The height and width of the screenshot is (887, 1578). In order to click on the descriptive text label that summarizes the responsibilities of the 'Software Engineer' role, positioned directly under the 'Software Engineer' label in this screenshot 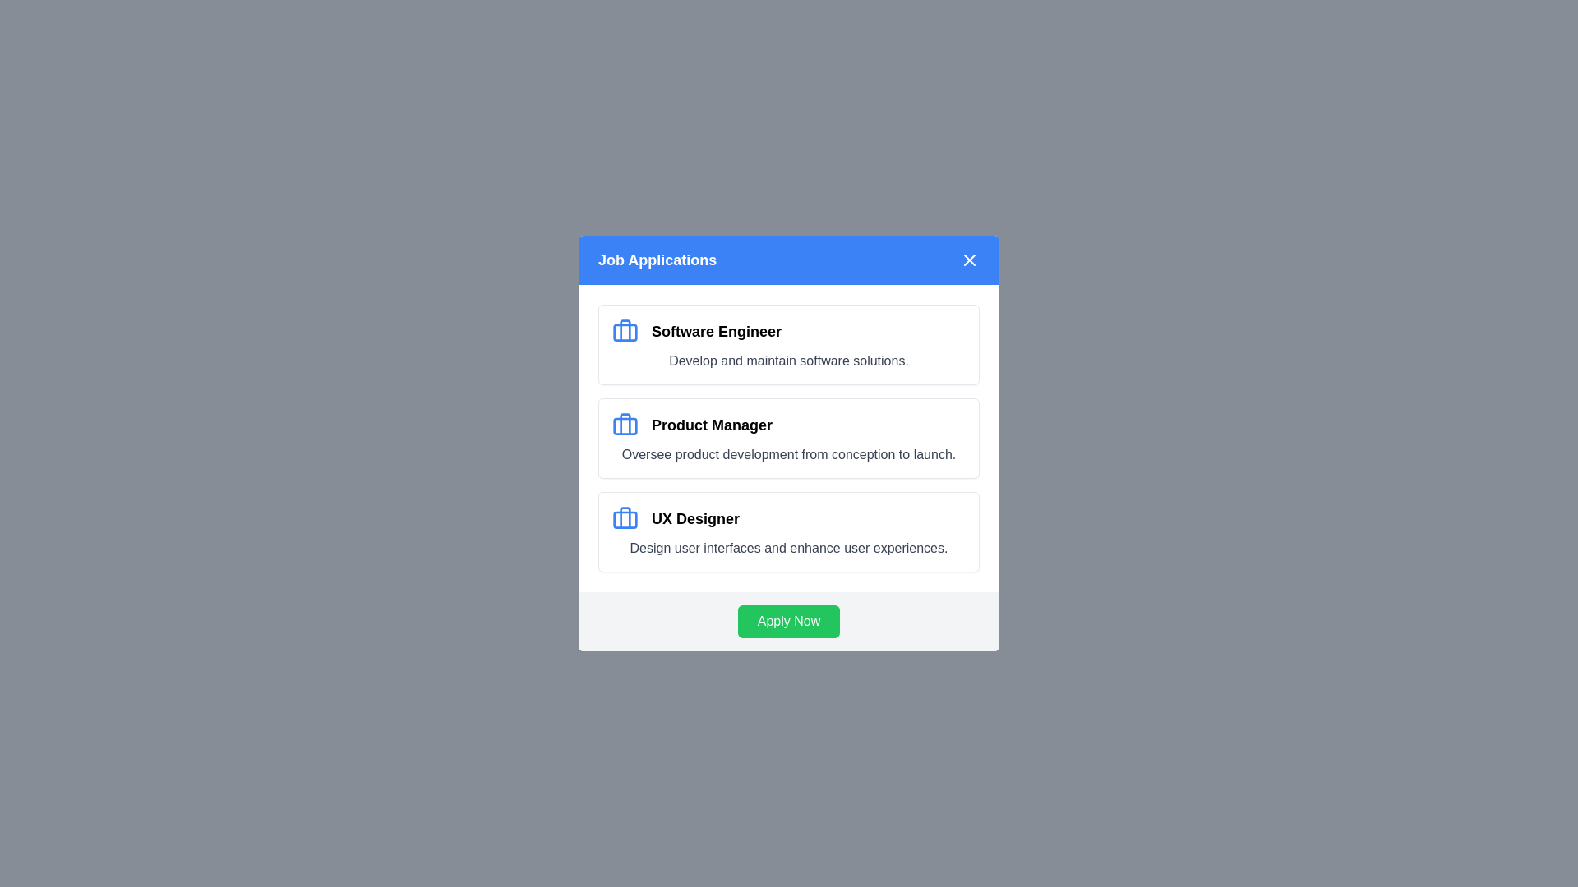, I will do `click(789, 360)`.